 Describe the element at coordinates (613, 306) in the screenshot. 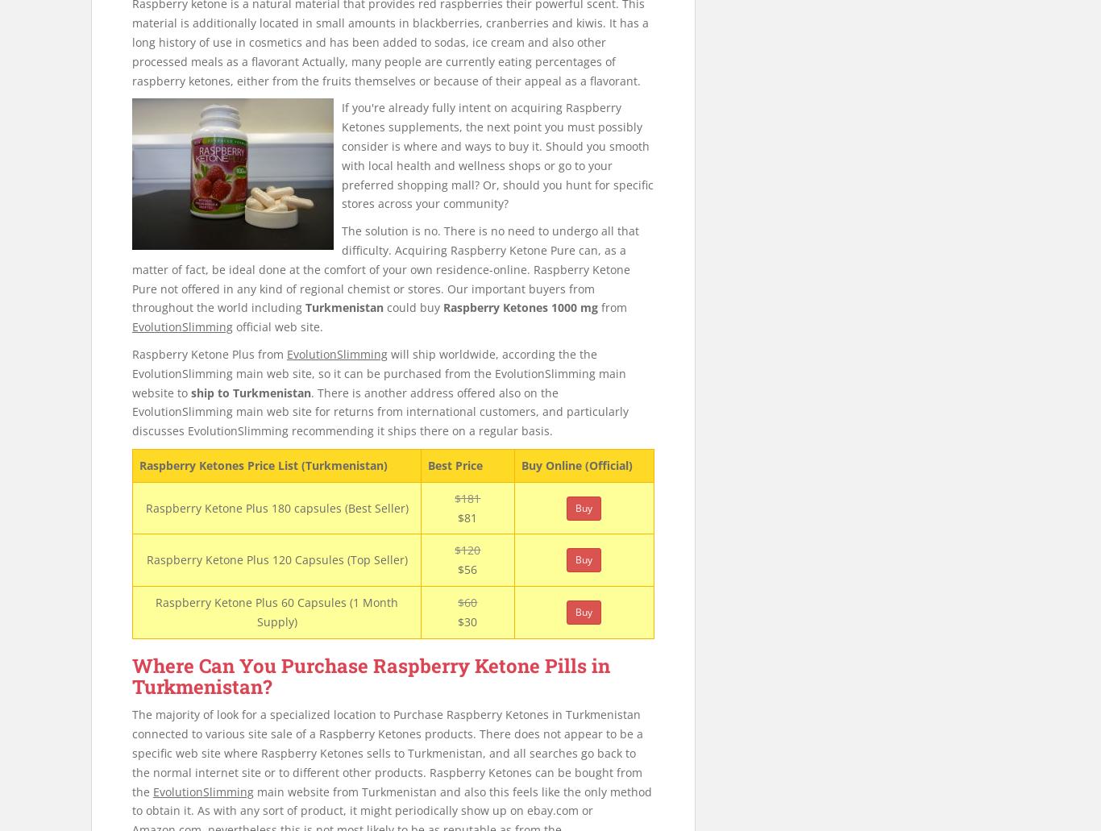

I see `'from'` at that location.